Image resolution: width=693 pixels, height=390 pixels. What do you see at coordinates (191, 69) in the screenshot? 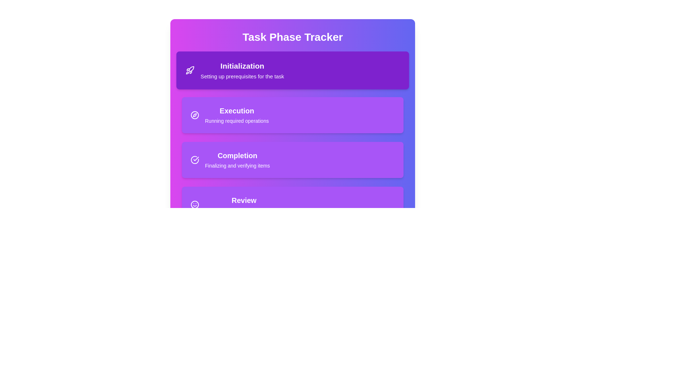
I see `the Decorative icon which resembles a flame or rocket shape, located inside the highlighted 'Initialization' section of the 'Task Phase Tracker'` at bounding box center [191, 69].